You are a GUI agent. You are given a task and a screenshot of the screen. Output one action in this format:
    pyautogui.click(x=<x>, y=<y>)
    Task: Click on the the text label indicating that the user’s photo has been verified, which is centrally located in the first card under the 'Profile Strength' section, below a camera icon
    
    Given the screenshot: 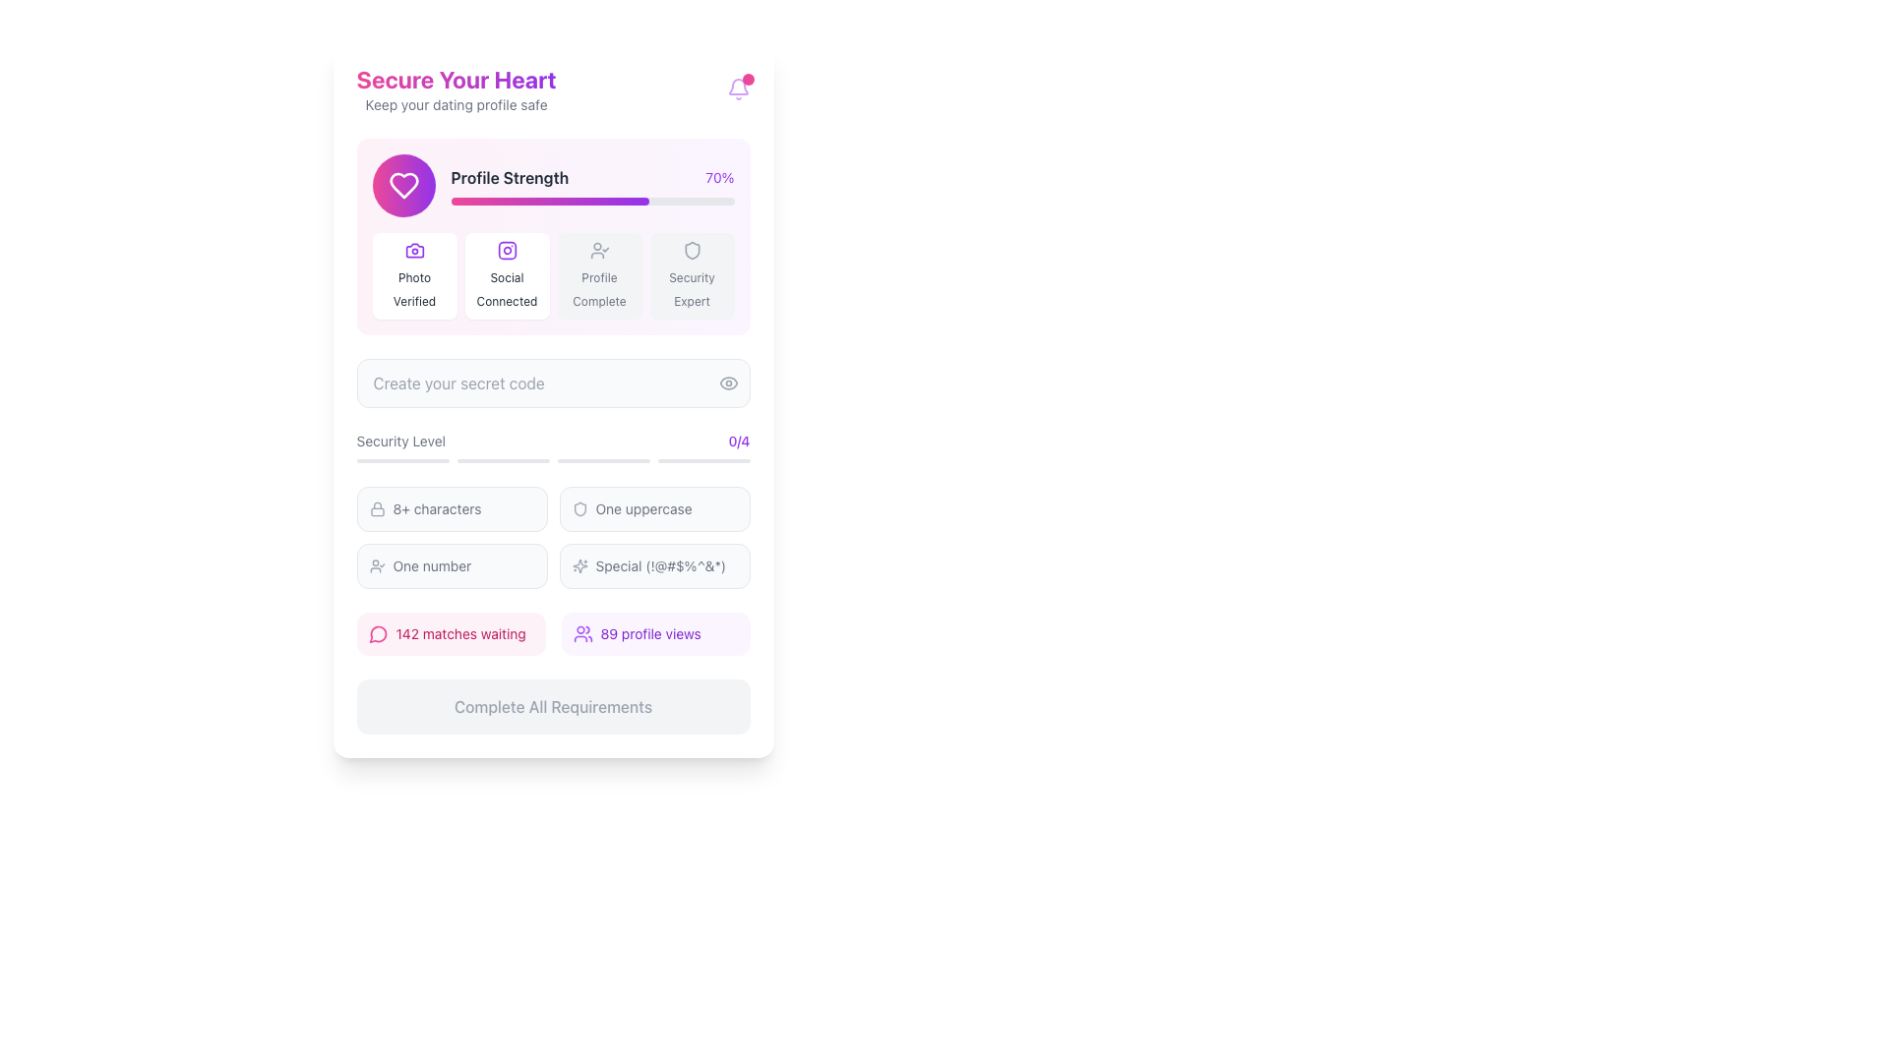 What is the action you would take?
    pyautogui.click(x=413, y=289)
    